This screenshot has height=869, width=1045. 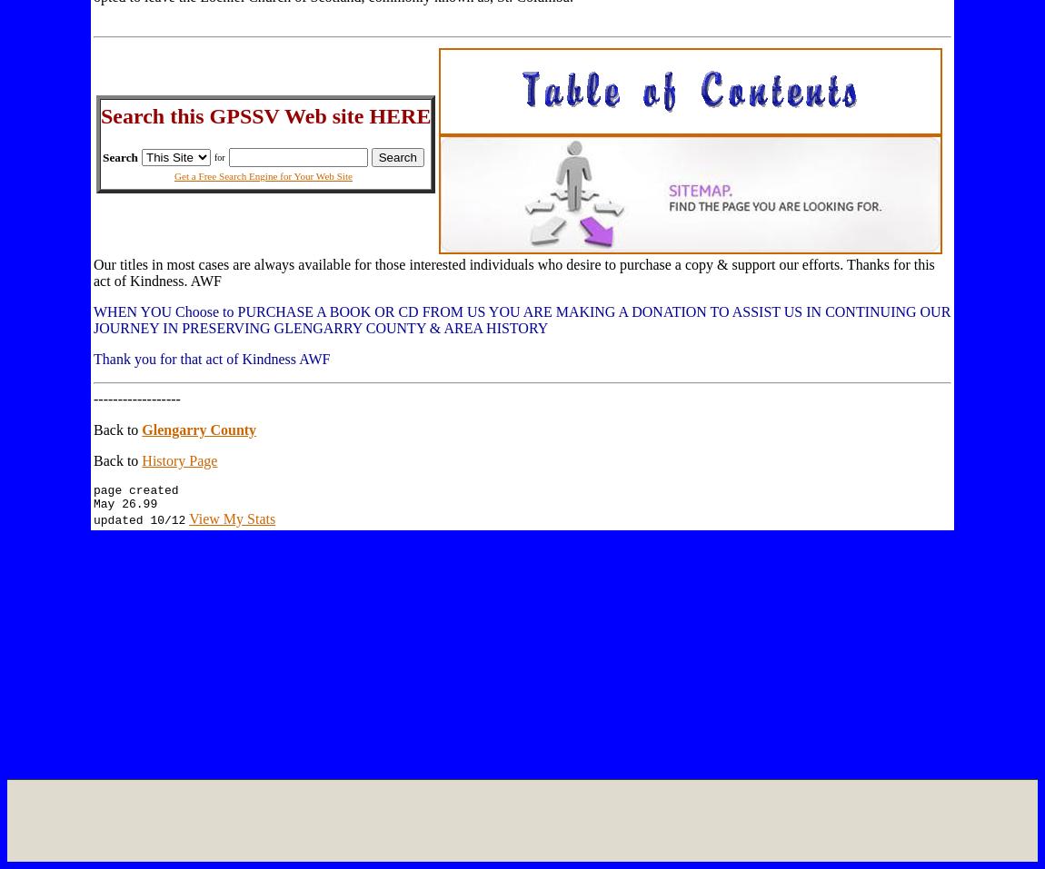 What do you see at coordinates (513, 272) in the screenshot?
I see `'Our titles in most cases are always available for those interested individuals who desire to purchase a copy & support our efforts. Thanks for this act of Kindness.  AWF'` at bounding box center [513, 272].